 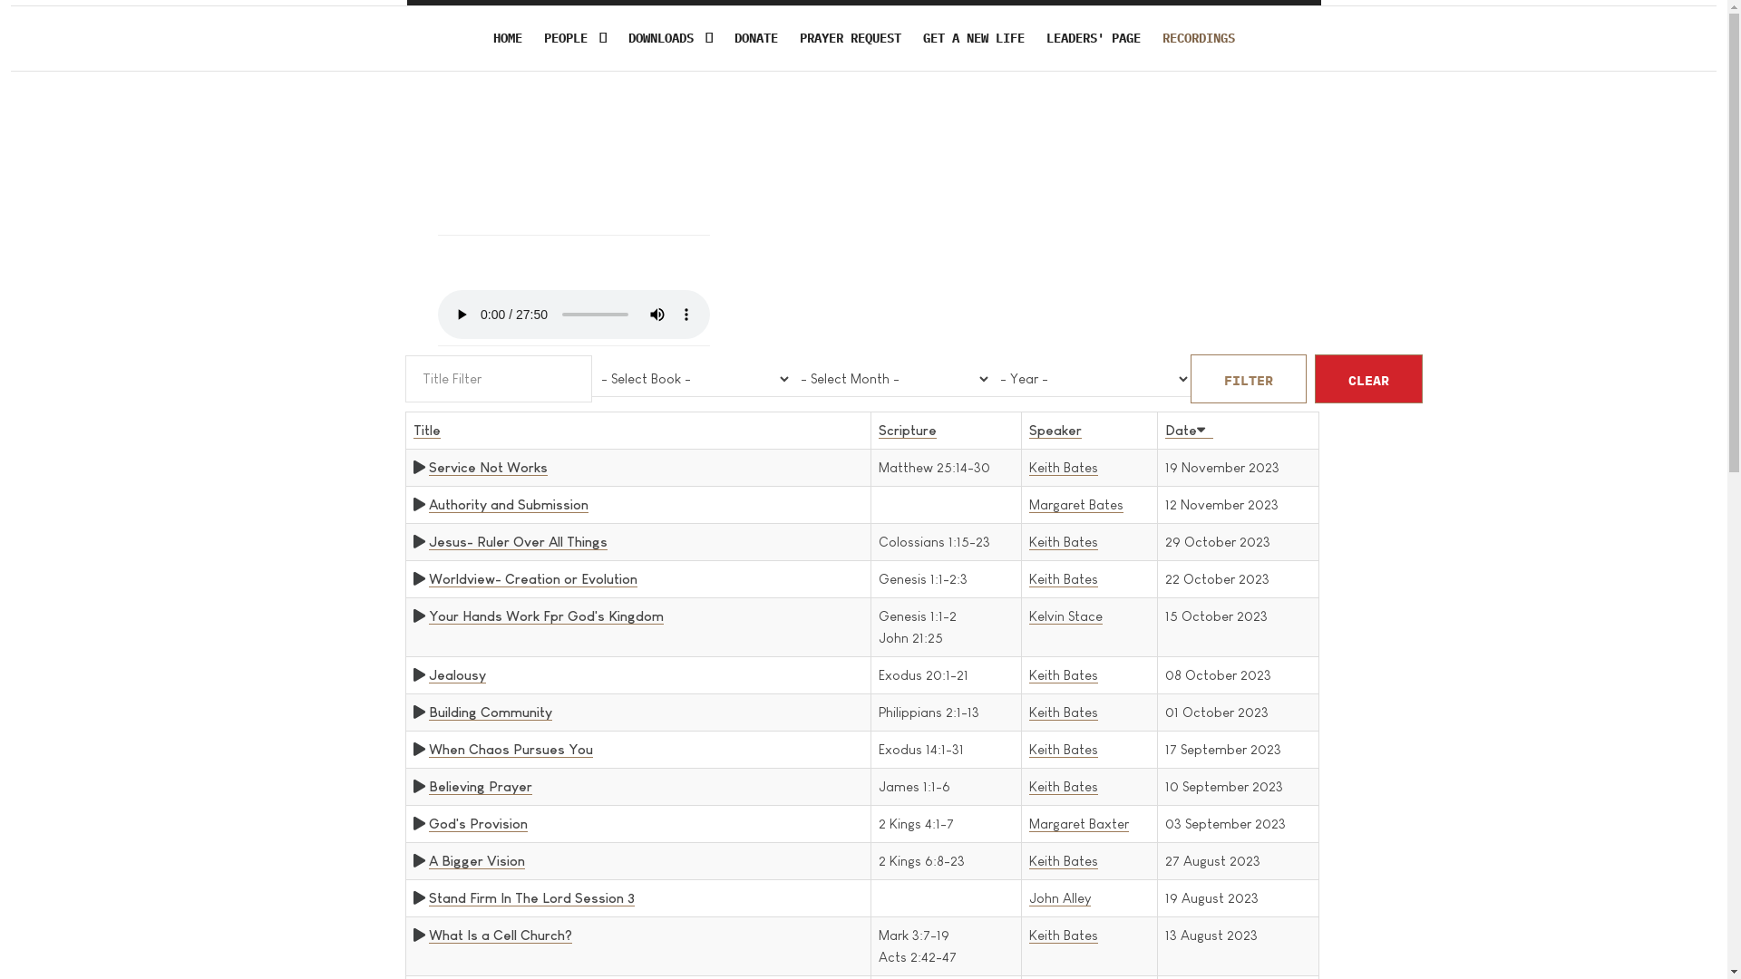 What do you see at coordinates (1060, 898) in the screenshot?
I see `'John Alley'` at bounding box center [1060, 898].